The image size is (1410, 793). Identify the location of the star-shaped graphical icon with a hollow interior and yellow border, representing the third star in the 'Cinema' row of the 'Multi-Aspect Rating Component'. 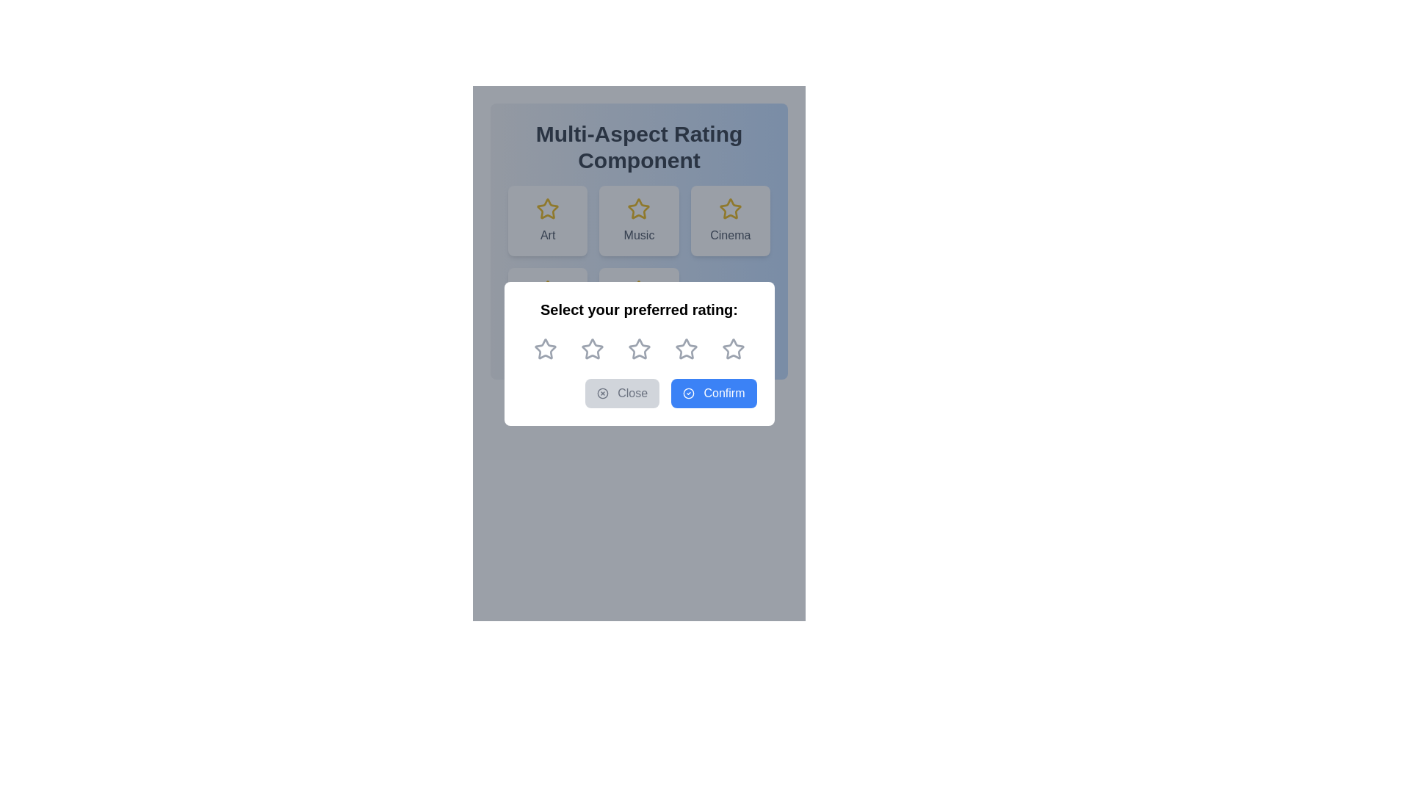
(730, 209).